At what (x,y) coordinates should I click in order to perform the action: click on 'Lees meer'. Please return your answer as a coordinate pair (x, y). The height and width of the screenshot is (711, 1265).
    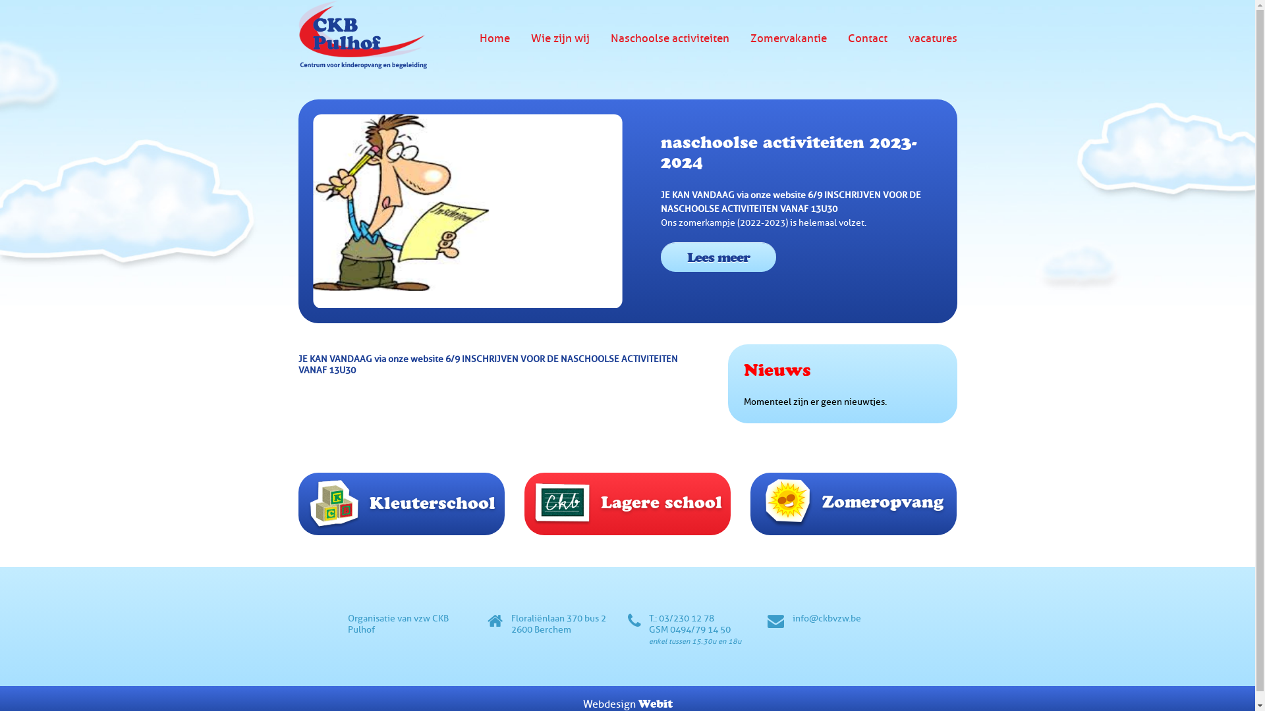
    Looking at the image, I should click on (717, 257).